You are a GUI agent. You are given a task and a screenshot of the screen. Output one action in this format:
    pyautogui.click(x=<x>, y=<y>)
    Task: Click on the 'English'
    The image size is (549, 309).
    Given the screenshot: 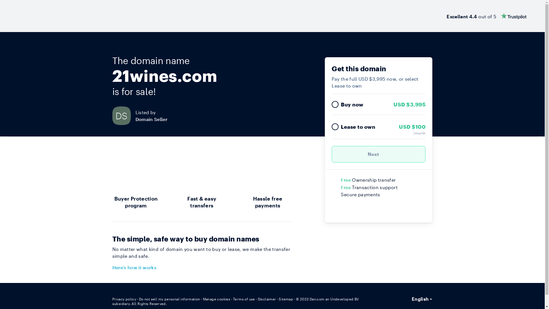 What is the action you would take?
    pyautogui.click(x=422, y=299)
    